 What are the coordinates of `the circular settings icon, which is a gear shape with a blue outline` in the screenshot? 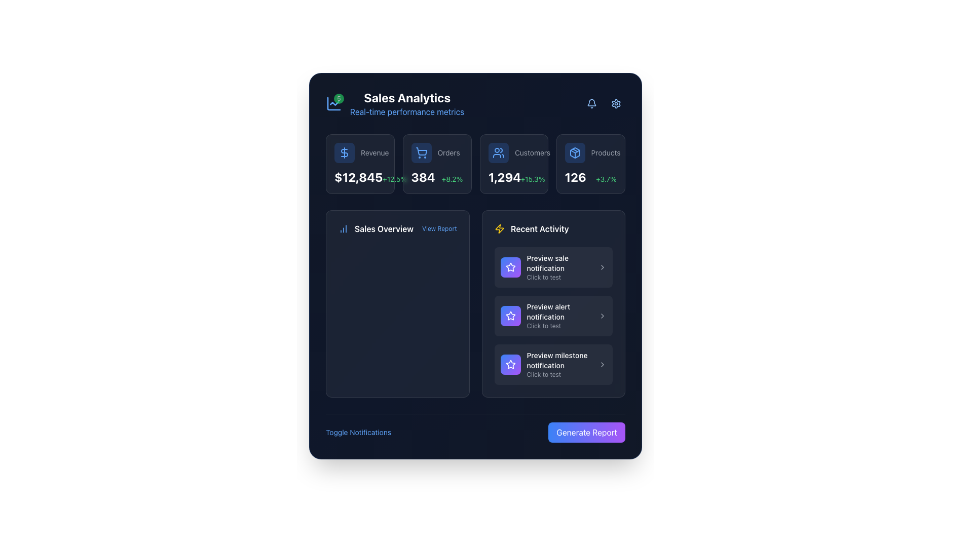 It's located at (615, 103).